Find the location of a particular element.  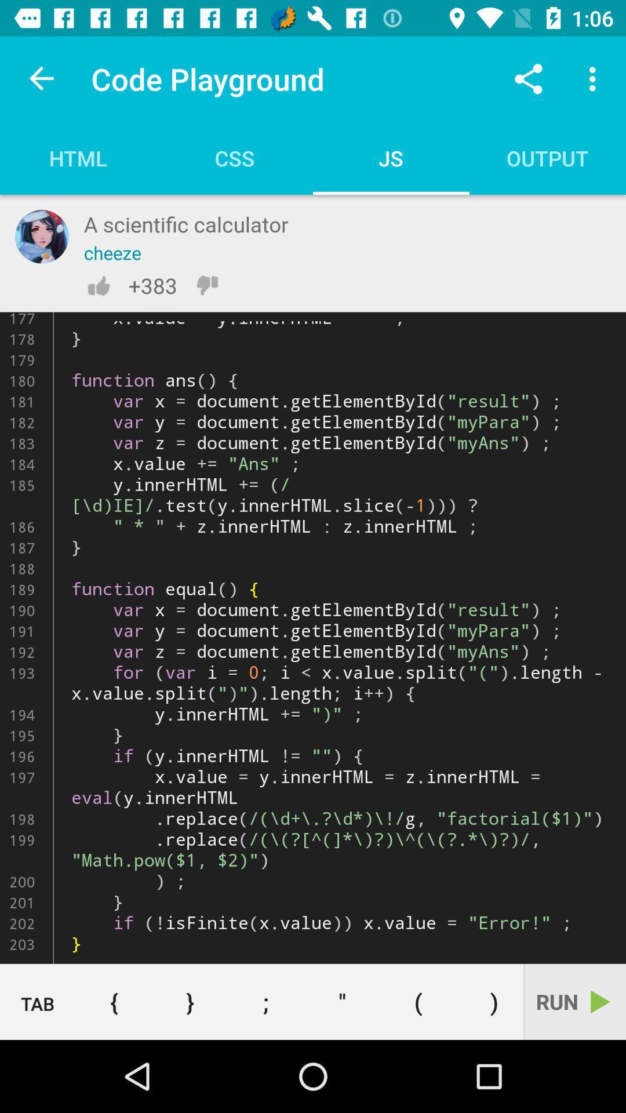

" icon is located at coordinates (341, 1001).